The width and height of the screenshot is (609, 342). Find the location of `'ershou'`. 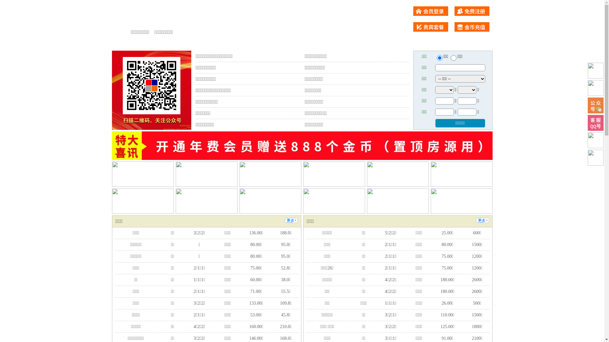

'ershou' is located at coordinates (439, 58).